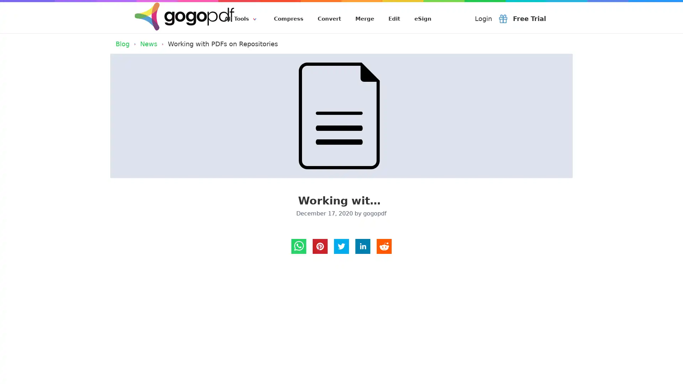 The height and width of the screenshot is (384, 683). What do you see at coordinates (299, 246) in the screenshot?
I see `Whatsapp` at bounding box center [299, 246].